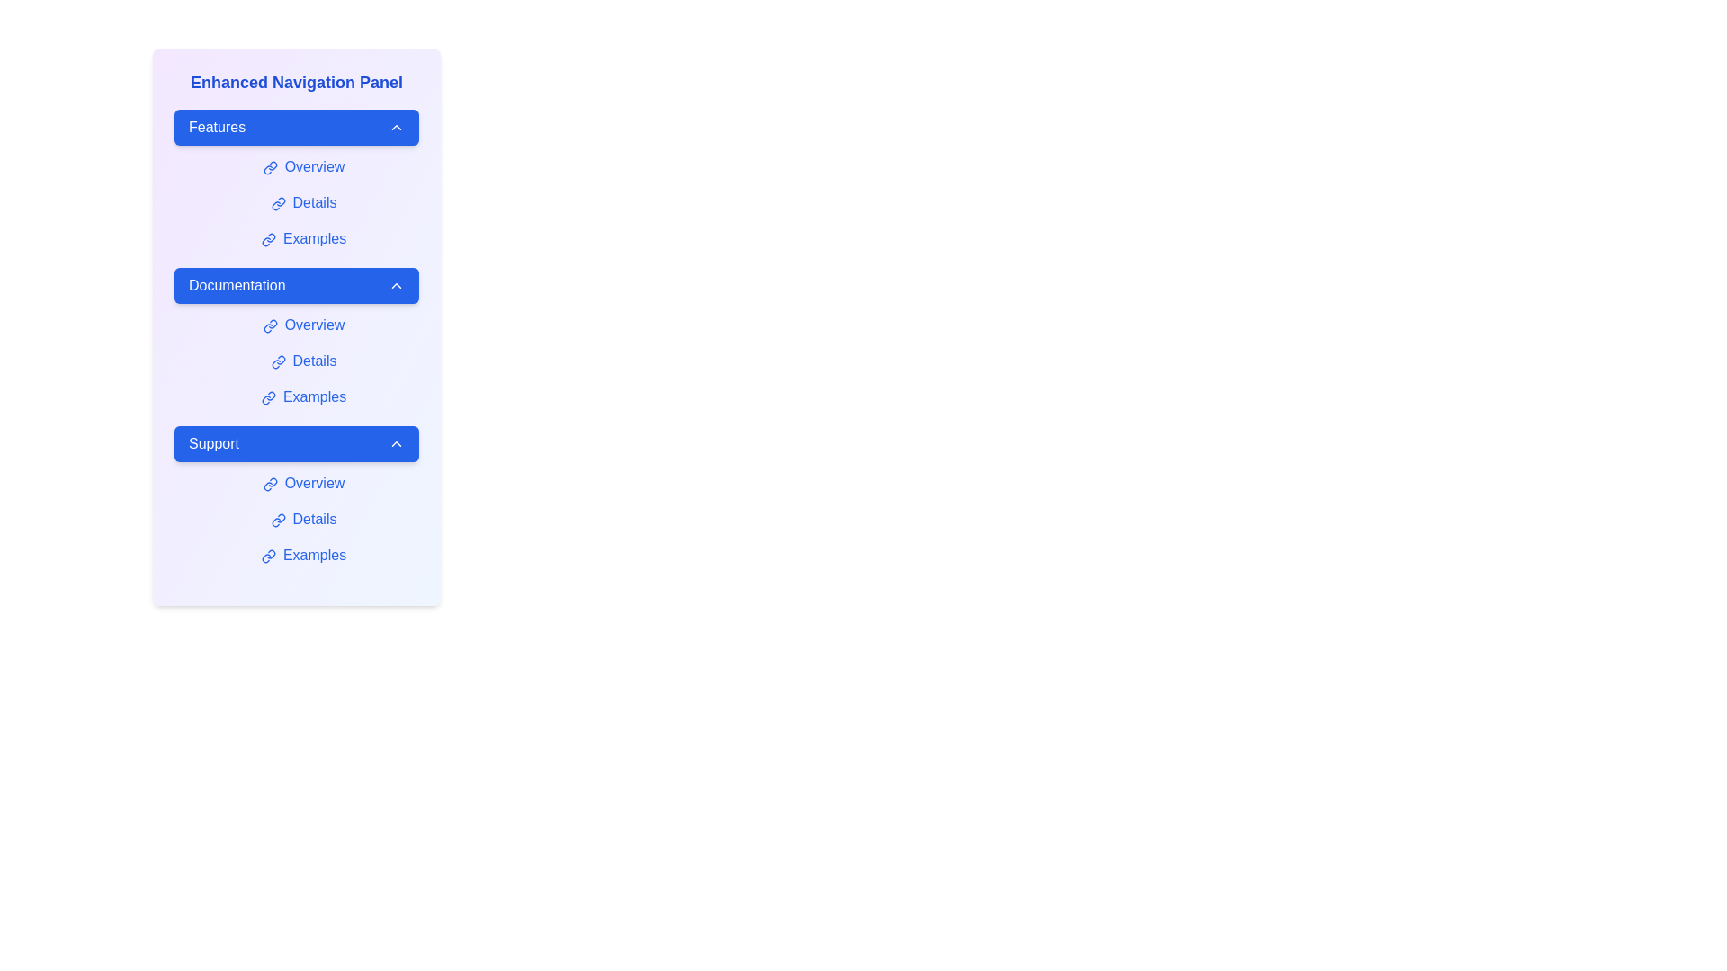 The image size is (1727, 971). What do you see at coordinates (266, 170) in the screenshot?
I see `icon-oriented graphic located in the sidebar under the 'Features' section, which is positioned to the left of the 'Overview' text link` at bounding box center [266, 170].